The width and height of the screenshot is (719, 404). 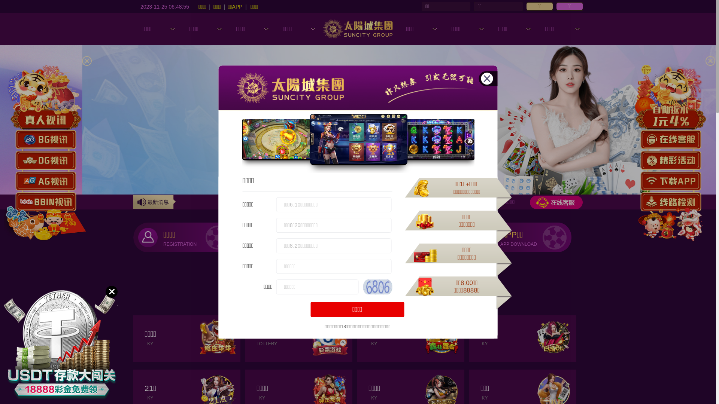 I want to click on '2023-11-25 06:48:53', so click(x=164, y=6).